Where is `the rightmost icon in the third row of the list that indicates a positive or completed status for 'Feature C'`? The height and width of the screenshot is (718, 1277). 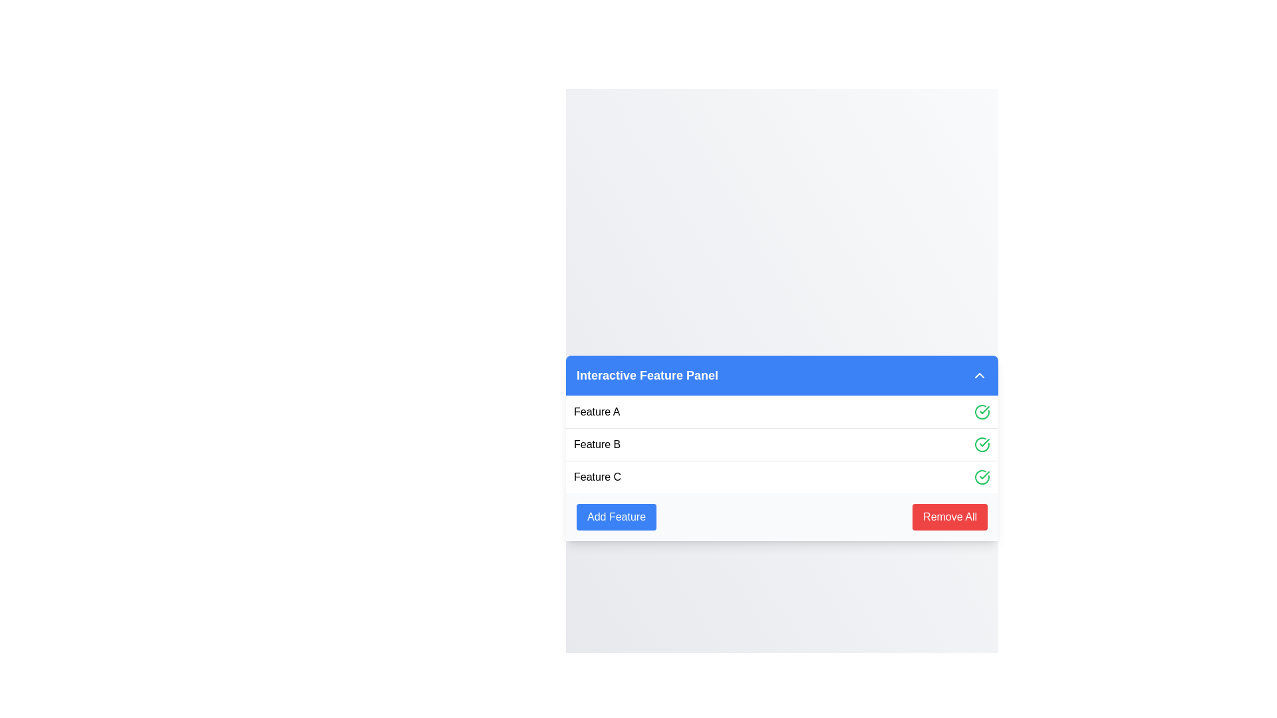
the rightmost icon in the third row of the list that indicates a positive or completed status for 'Feature C' is located at coordinates (982, 476).